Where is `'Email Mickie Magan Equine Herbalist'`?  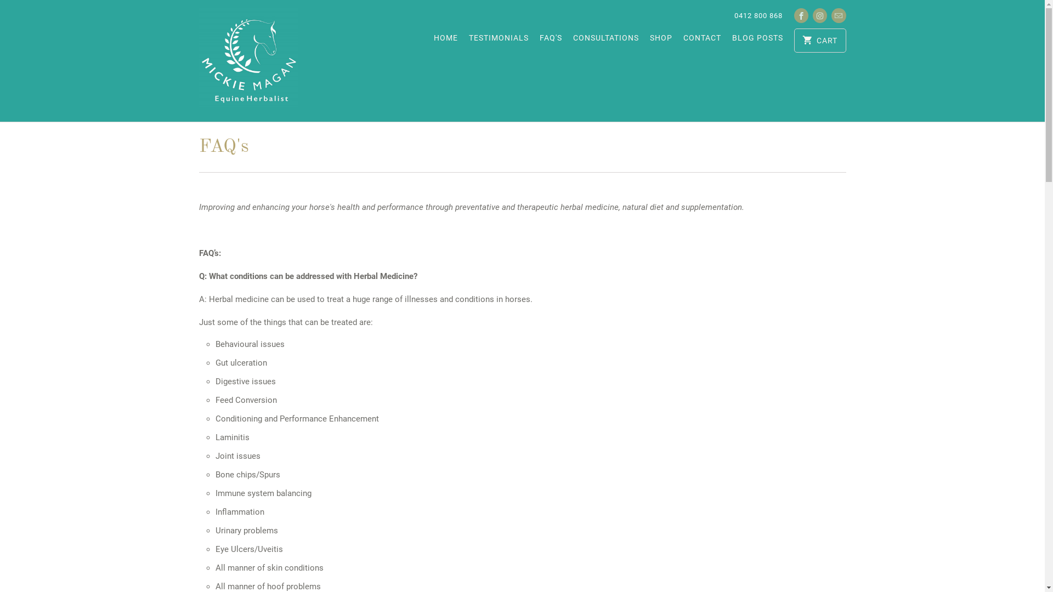
'Email Mickie Magan Equine Herbalist' is located at coordinates (838, 15).